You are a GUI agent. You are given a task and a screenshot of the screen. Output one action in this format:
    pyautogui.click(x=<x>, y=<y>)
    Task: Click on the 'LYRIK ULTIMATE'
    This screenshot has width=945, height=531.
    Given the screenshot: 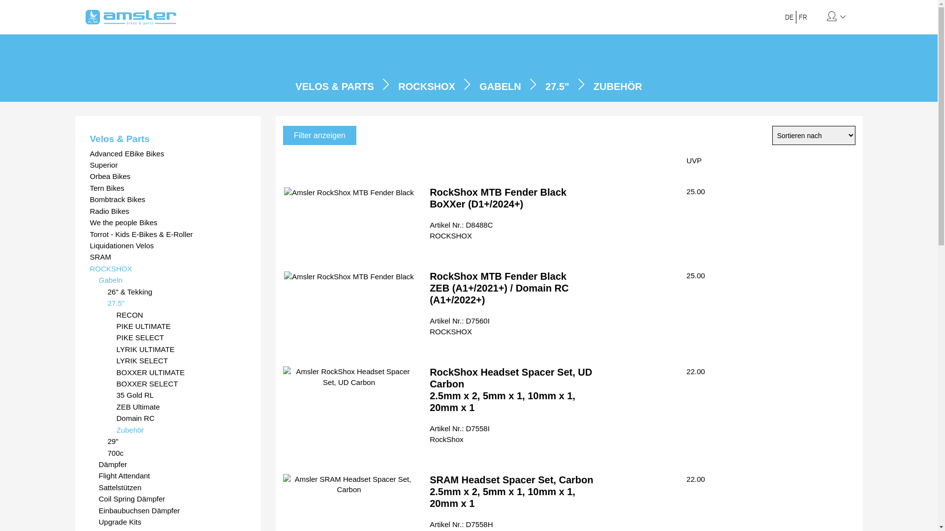 What is the action you would take?
    pyautogui.click(x=181, y=349)
    